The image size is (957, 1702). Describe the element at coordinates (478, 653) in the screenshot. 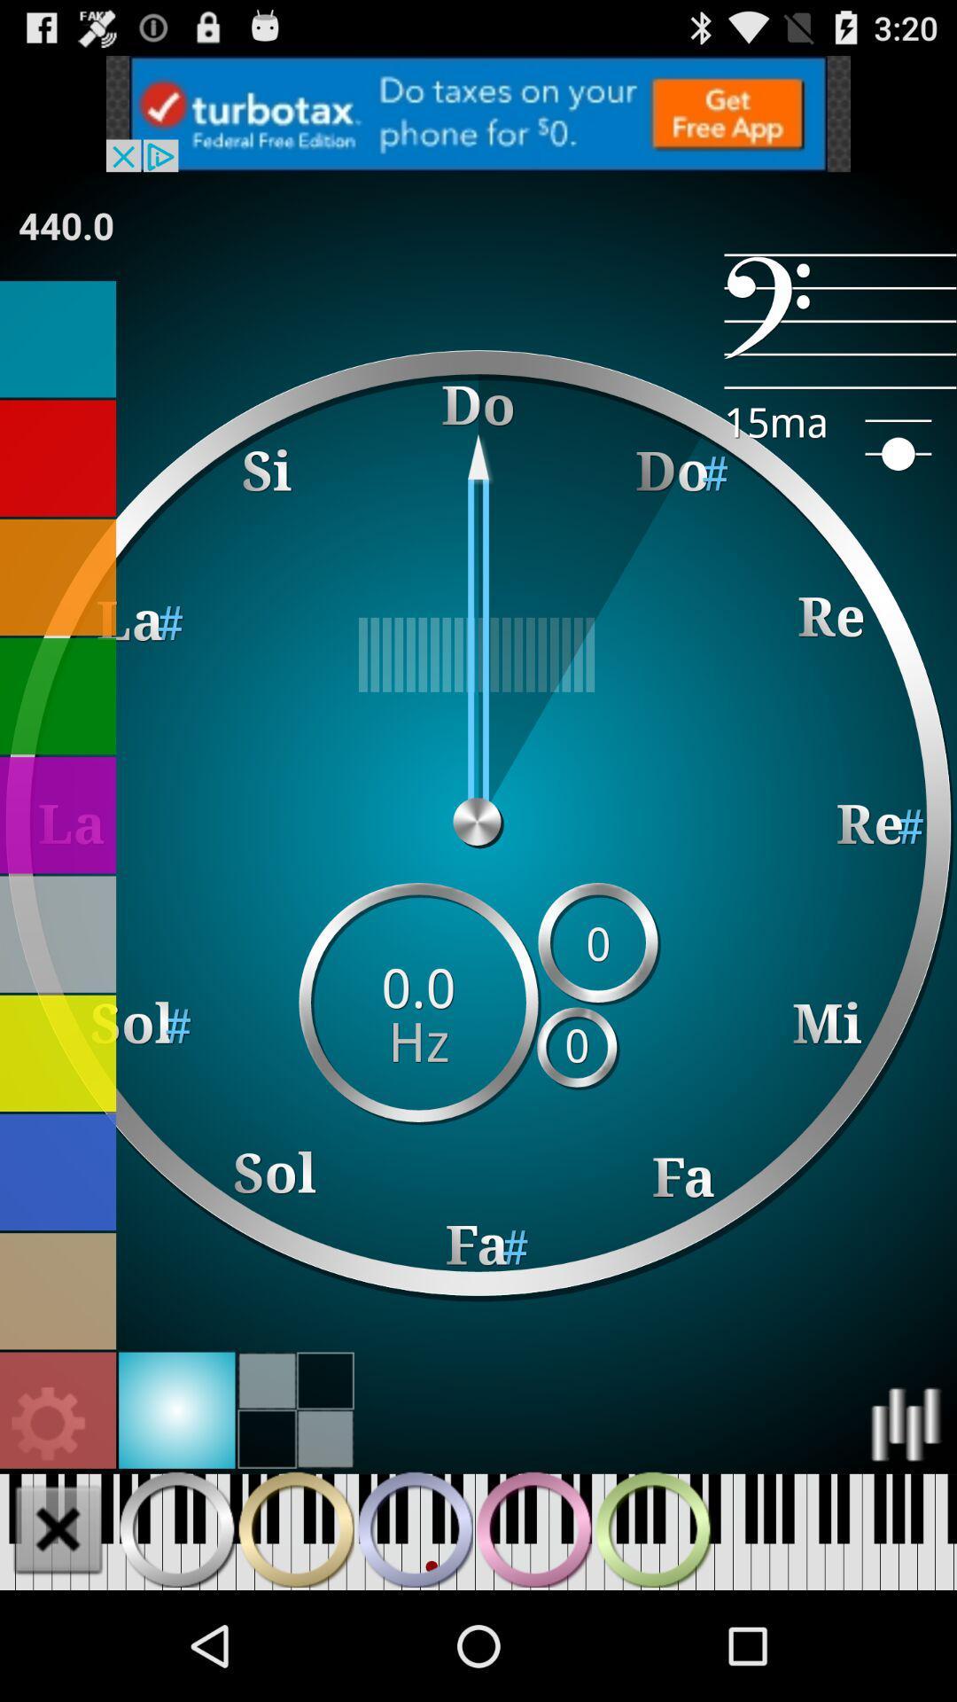

I see `the app below c a r item` at that location.